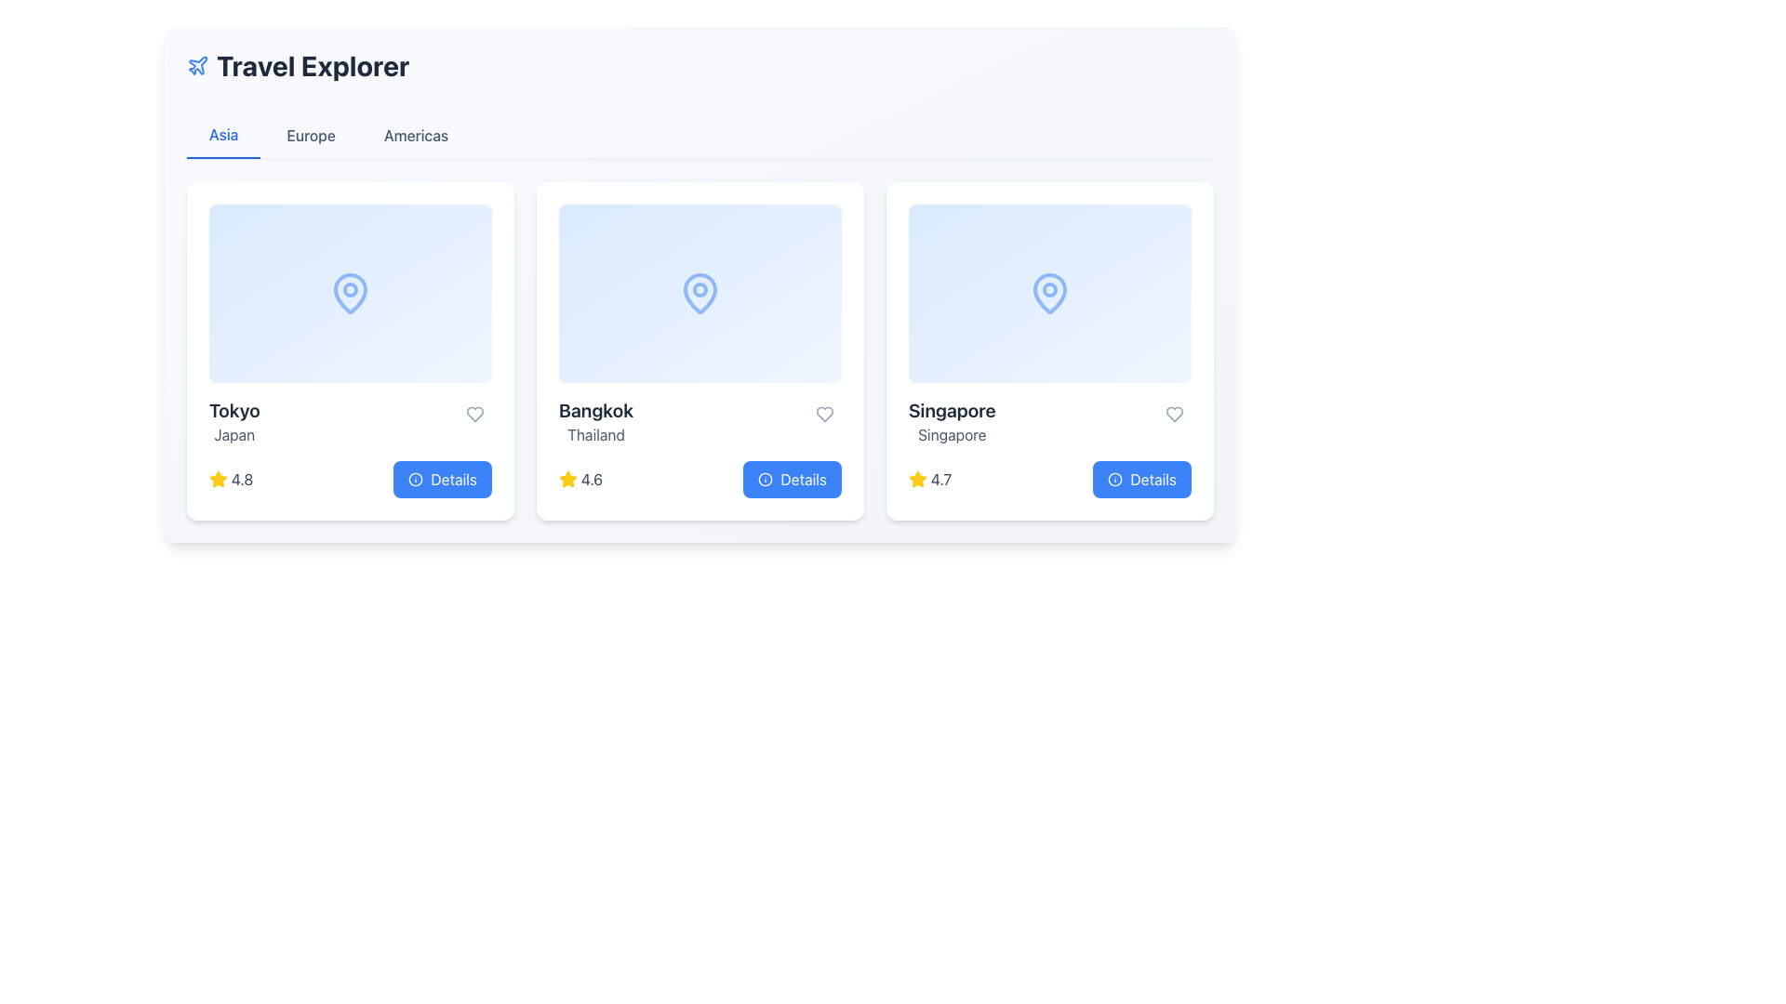 The width and height of the screenshot is (1786, 1004). Describe the element at coordinates (580, 479) in the screenshot. I see `the Rating display element located at the bottom-left corner of the card for 'Bangkok, Thailand', which is adjacent to the 'Details' button` at that location.